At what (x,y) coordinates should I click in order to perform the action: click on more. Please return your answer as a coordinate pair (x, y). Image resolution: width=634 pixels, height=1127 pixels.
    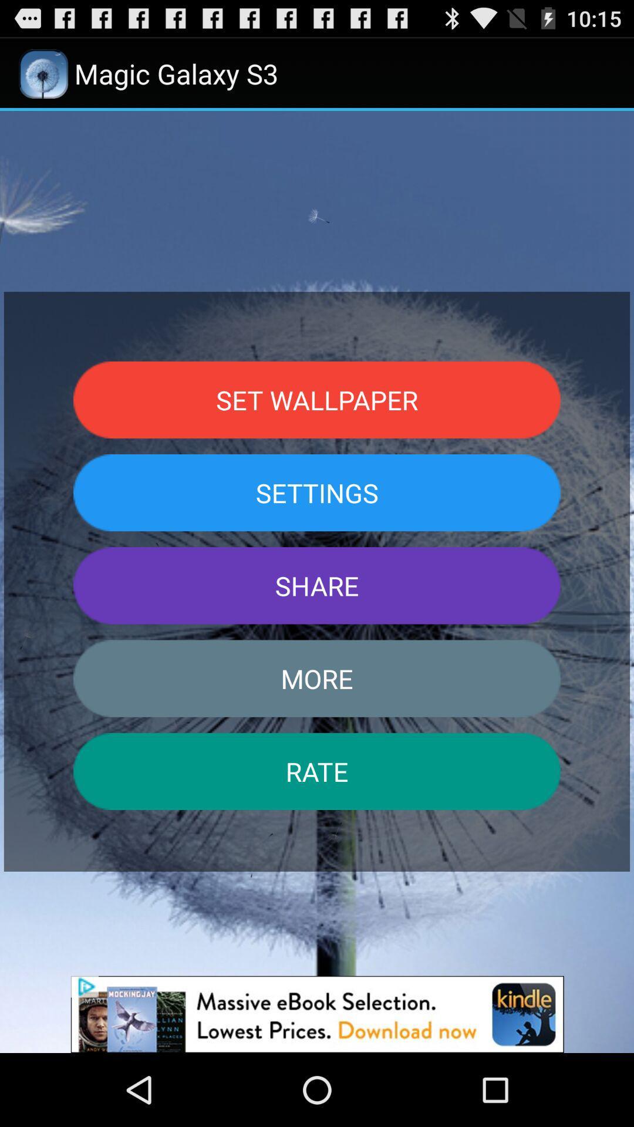
    Looking at the image, I should click on (317, 679).